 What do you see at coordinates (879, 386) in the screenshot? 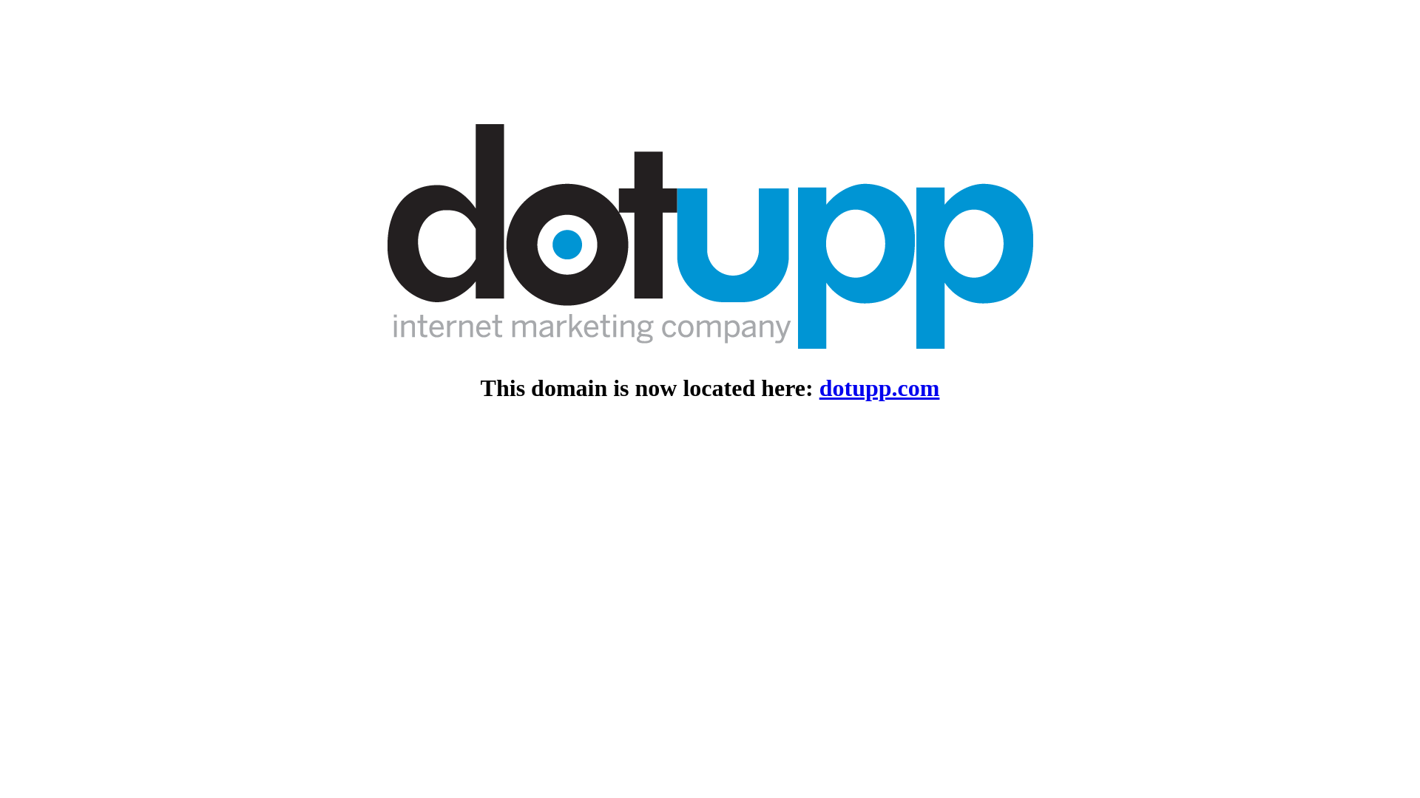
I see `'dotupp.com'` at bounding box center [879, 386].